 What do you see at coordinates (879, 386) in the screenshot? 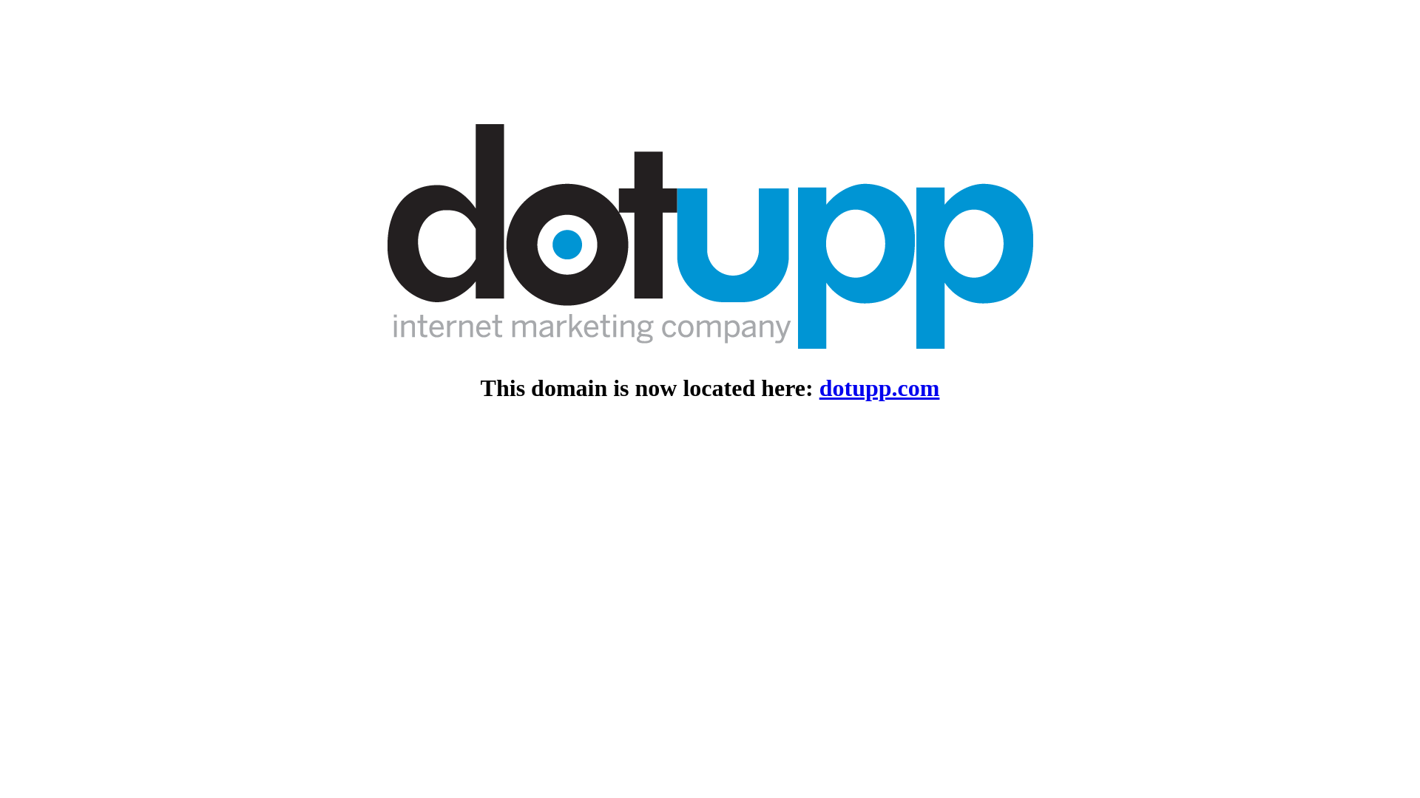
I see `'dotupp.com'` at bounding box center [879, 386].